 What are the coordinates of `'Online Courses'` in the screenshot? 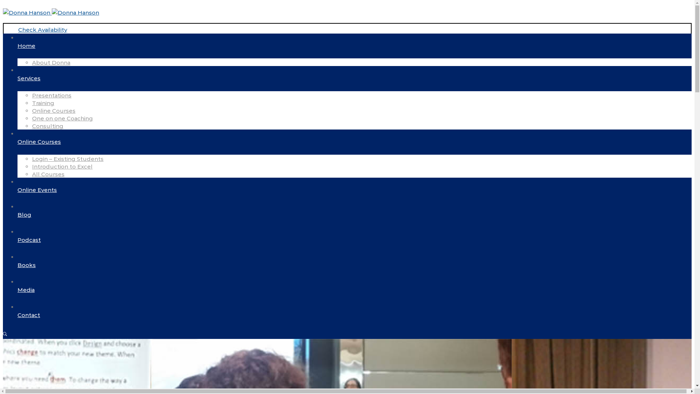 It's located at (354, 142).